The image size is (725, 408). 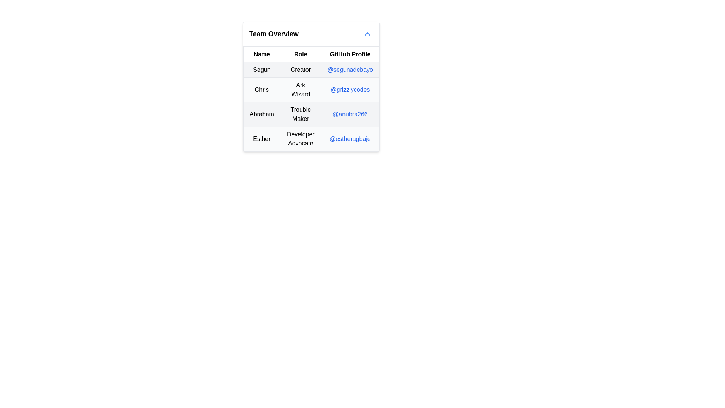 What do you see at coordinates (350, 139) in the screenshot?
I see `the hyperlink that leads to the GitHub profile of the user '@estheragbaje', located in the last row of the table under the 'GitHub Profile' column, aligned with 'Esther' in the 'Name' column and 'Developer Advocate' in the 'Role' column` at bounding box center [350, 139].